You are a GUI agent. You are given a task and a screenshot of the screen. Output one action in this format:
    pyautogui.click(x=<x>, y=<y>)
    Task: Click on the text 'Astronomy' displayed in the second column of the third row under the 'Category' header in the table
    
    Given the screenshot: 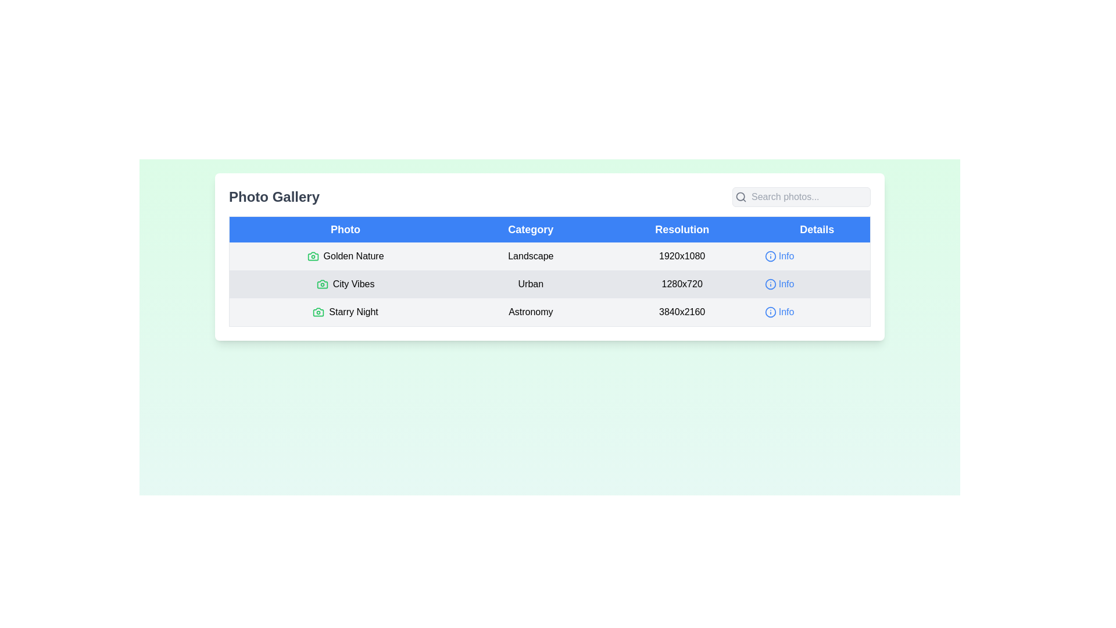 What is the action you would take?
    pyautogui.click(x=530, y=312)
    